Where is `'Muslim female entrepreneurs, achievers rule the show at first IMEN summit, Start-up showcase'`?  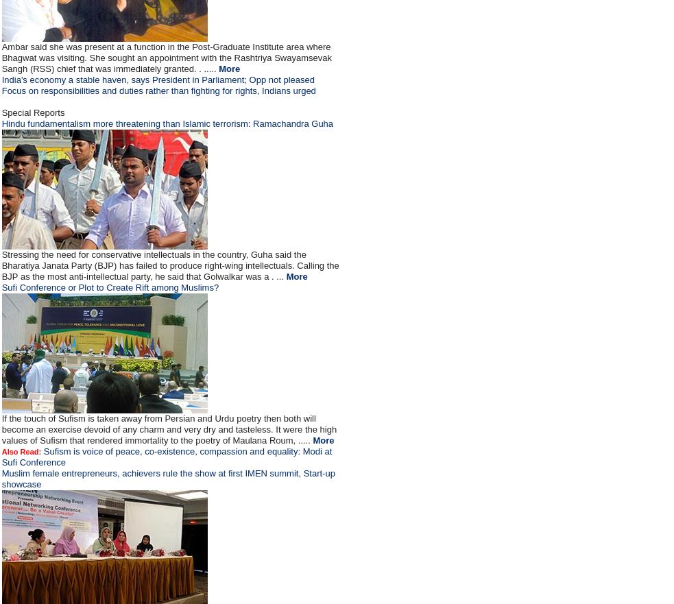
'Muslim female entrepreneurs, achievers rule the show at first IMEN summit, Start-up showcase' is located at coordinates (167, 478).